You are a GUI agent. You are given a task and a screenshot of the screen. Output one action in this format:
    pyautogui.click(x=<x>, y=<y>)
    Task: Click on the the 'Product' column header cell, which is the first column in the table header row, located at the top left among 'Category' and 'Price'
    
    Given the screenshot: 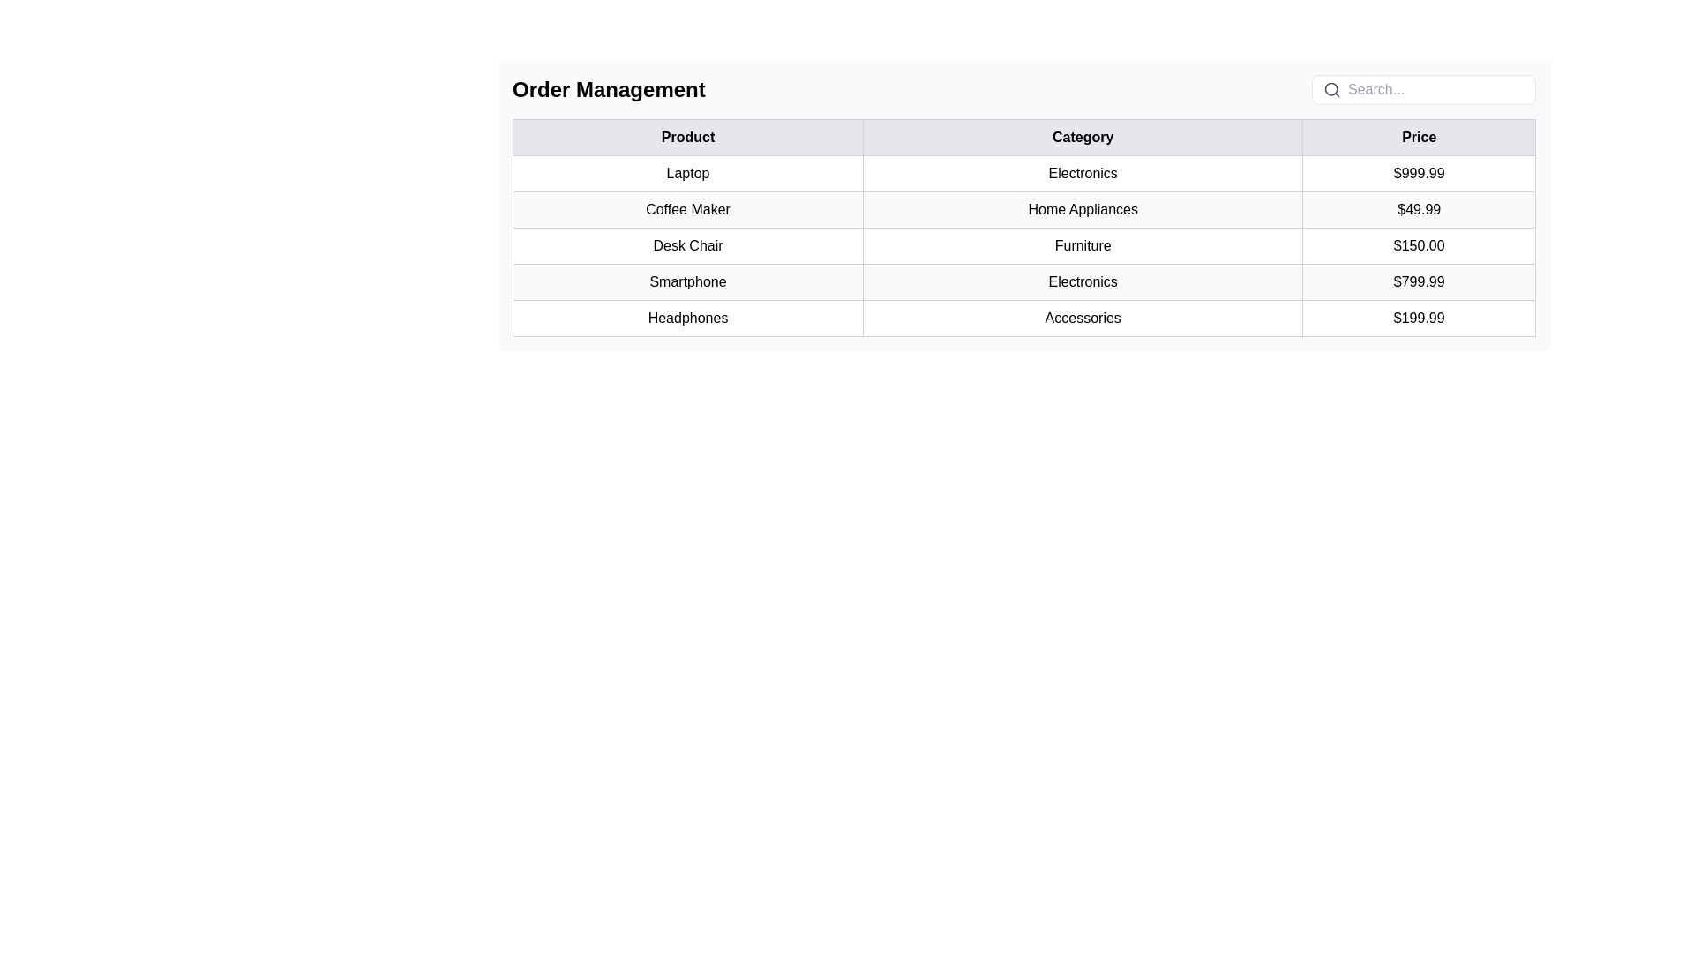 What is the action you would take?
    pyautogui.click(x=687, y=136)
    